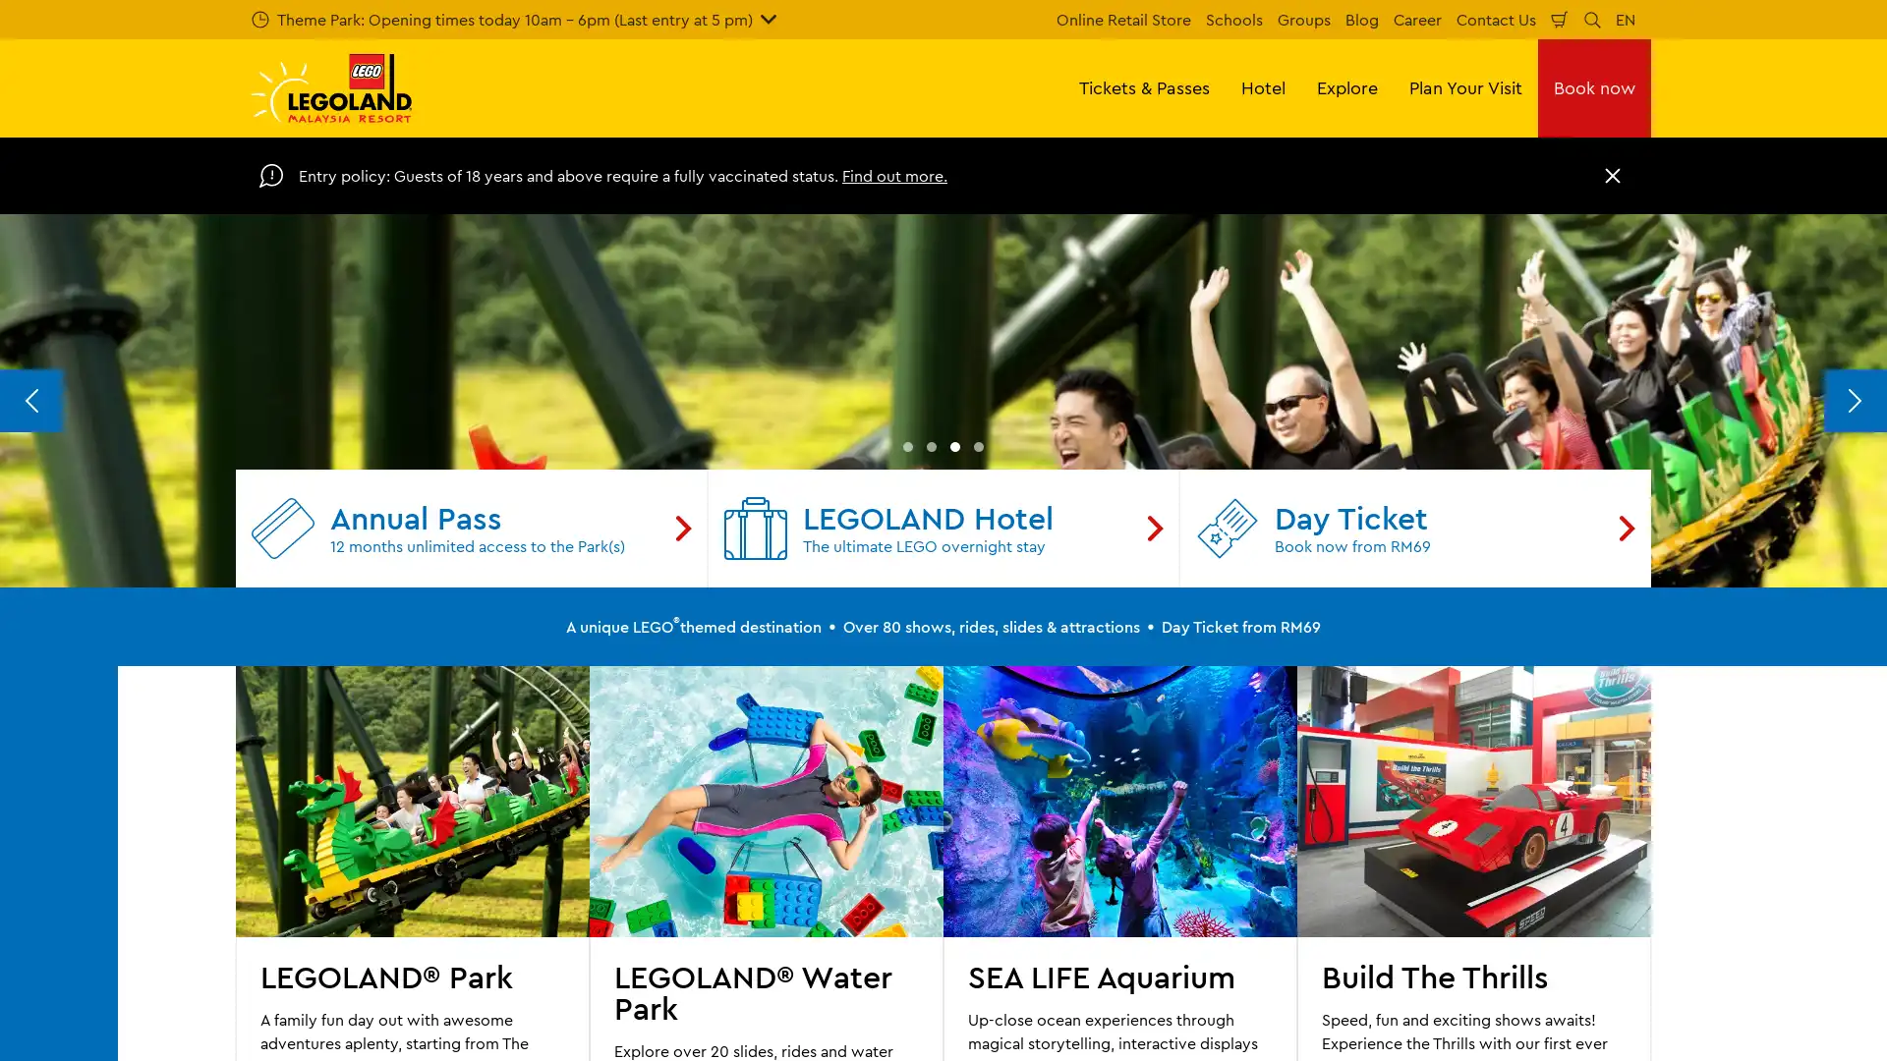  Describe the element at coordinates (954, 837) in the screenshot. I see `Go to slide 3` at that location.